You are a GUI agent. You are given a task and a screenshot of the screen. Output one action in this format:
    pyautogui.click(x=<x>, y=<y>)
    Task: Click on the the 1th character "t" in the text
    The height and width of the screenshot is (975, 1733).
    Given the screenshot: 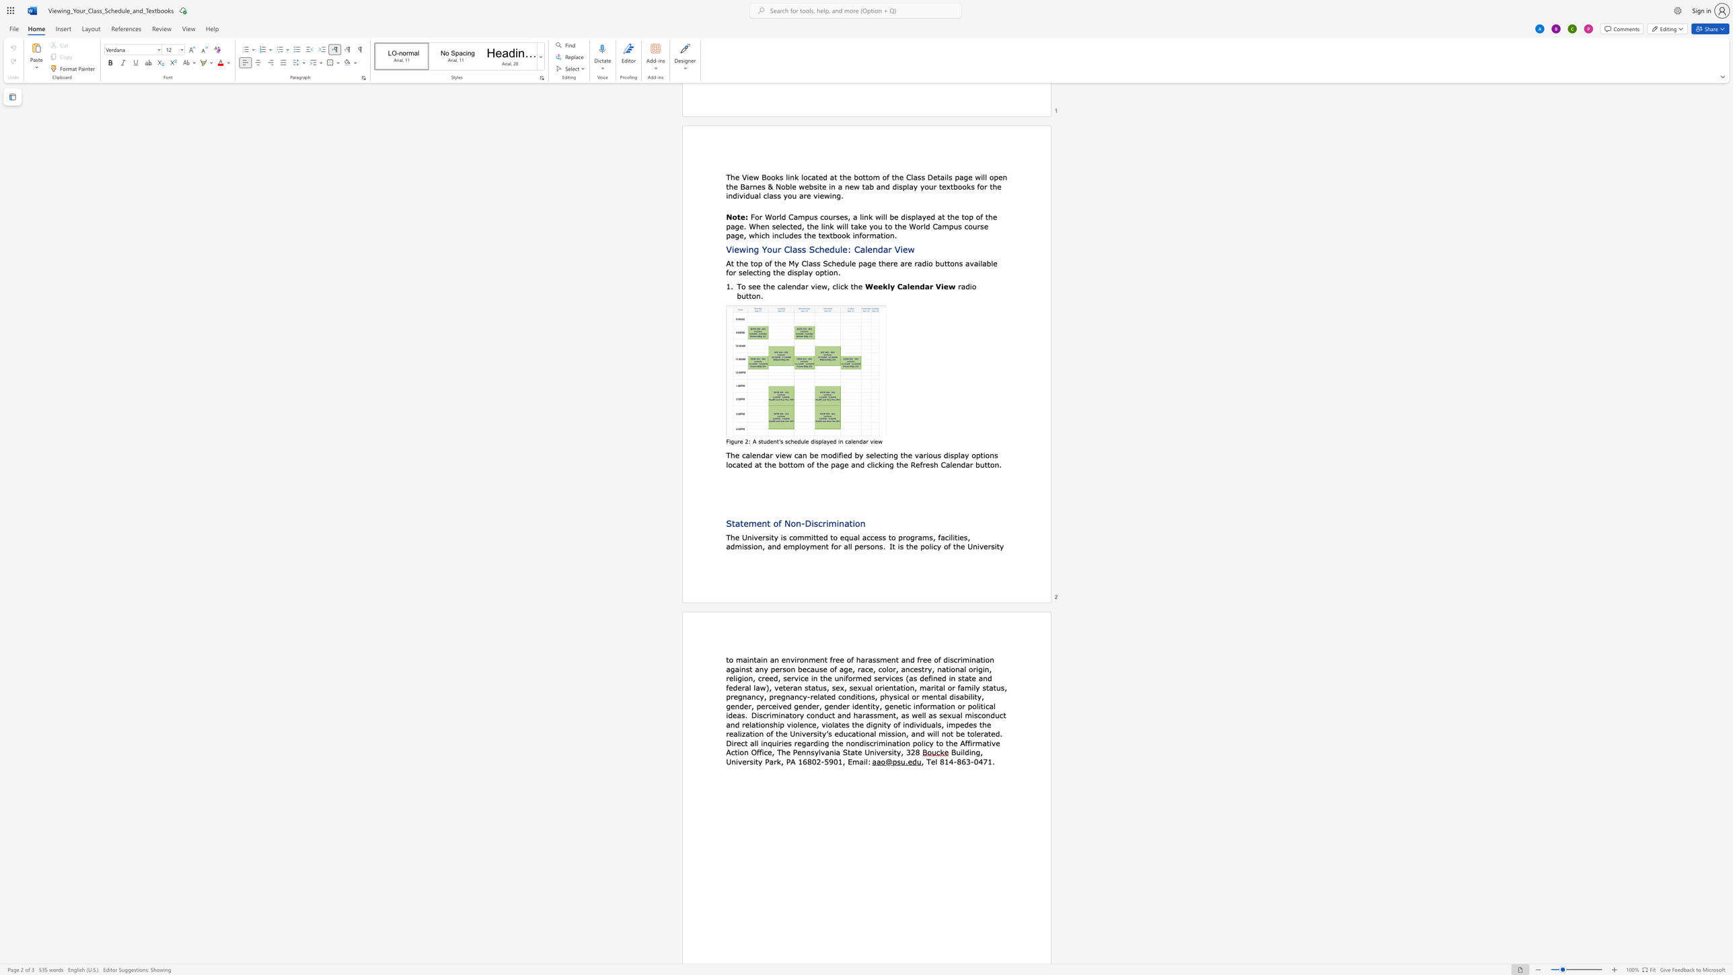 What is the action you would take?
    pyautogui.click(x=772, y=537)
    